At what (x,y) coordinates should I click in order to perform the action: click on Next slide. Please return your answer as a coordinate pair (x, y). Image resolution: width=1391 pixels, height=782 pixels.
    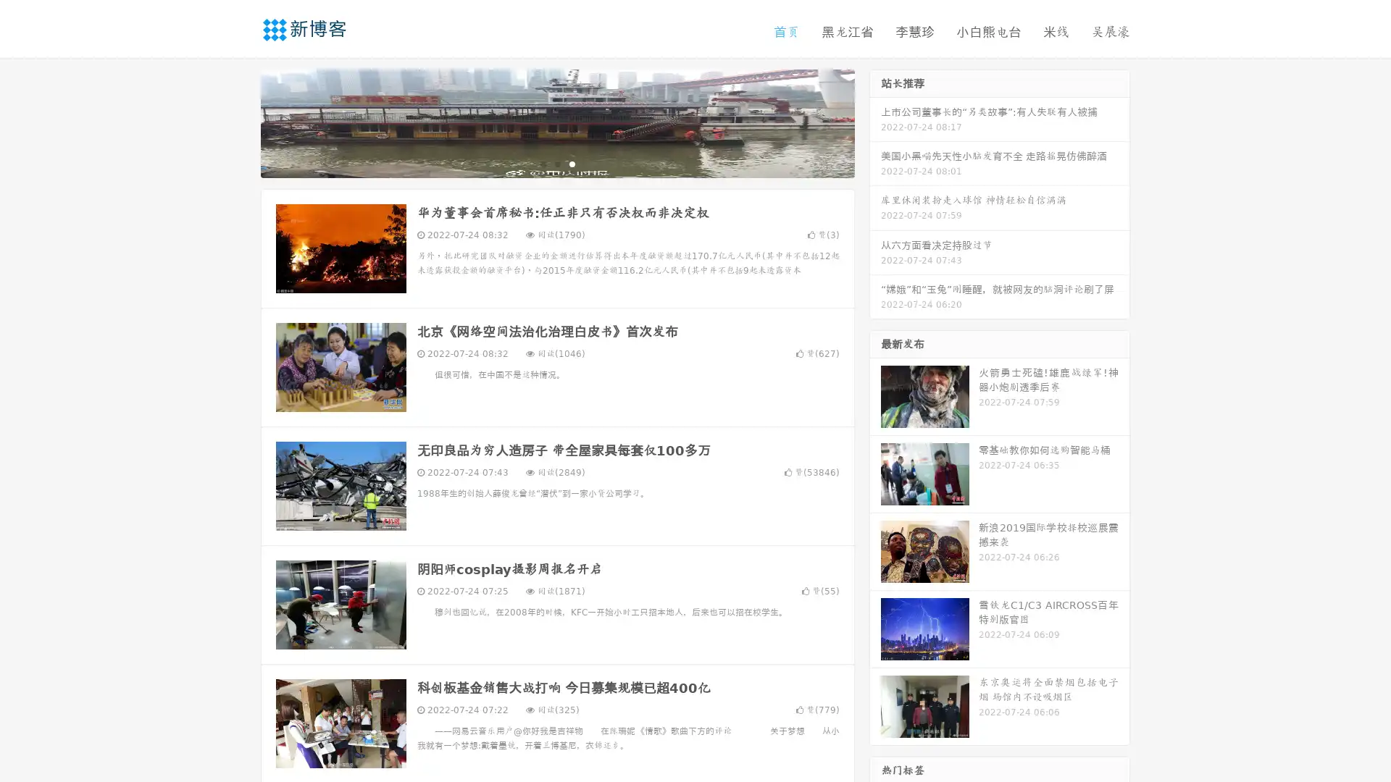
    Looking at the image, I should click on (875, 122).